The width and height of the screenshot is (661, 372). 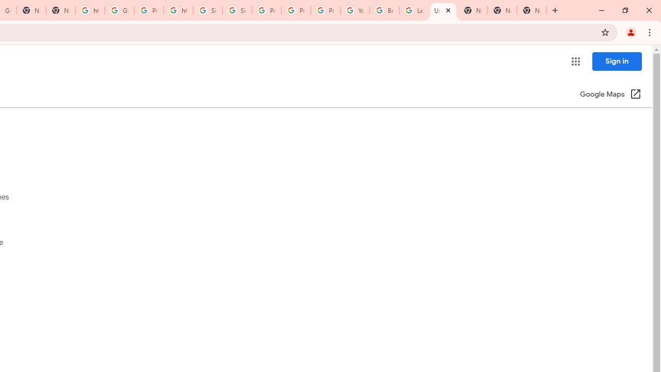 I want to click on 'Browse Chrome as a guest - Computer - Google Chrome Help', so click(x=384, y=10).